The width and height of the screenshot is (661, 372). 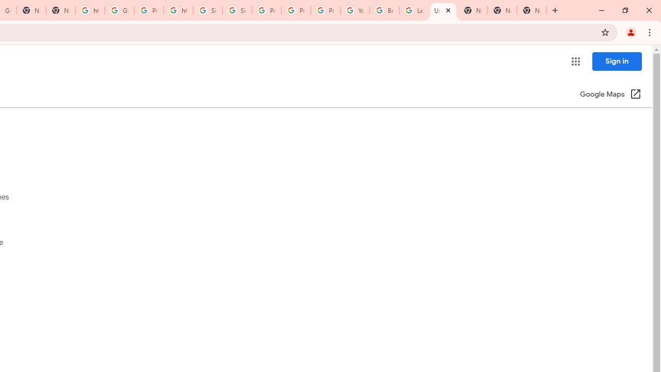 I want to click on 'Browse Chrome as a guest - Computer - Google Chrome Help', so click(x=384, y=10).